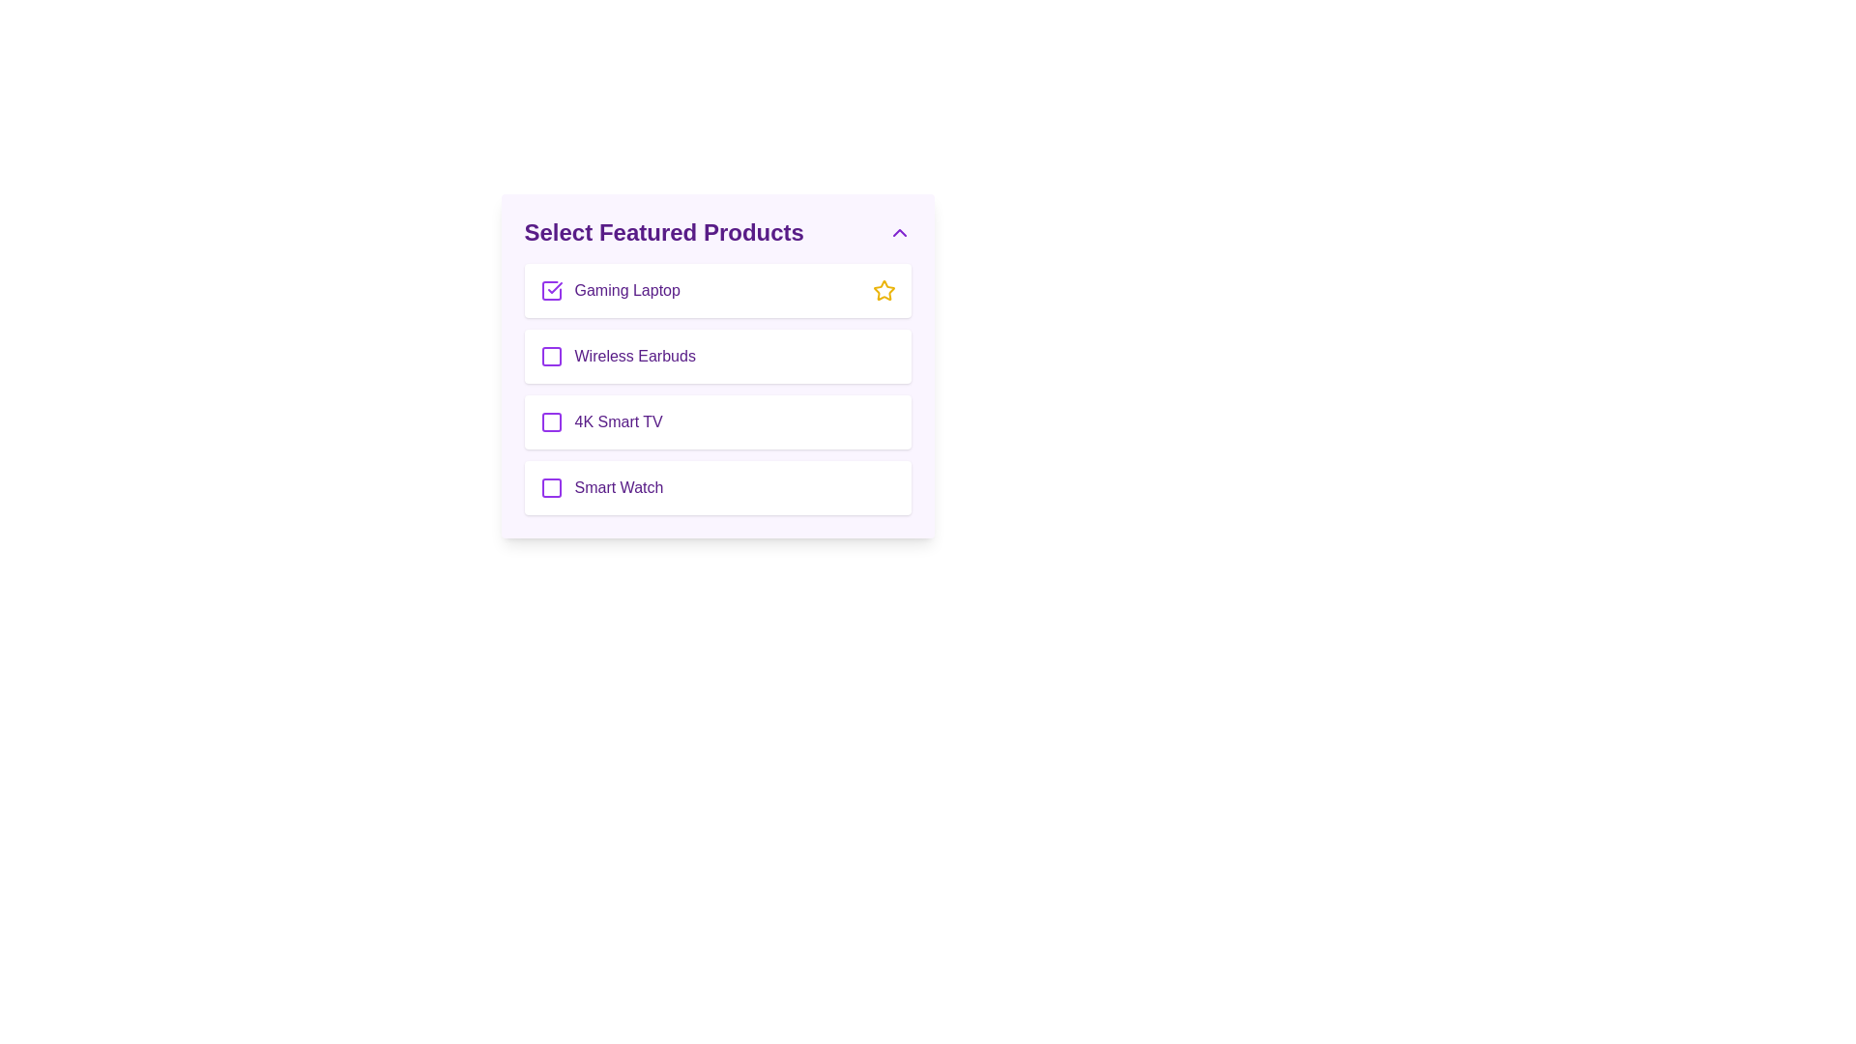 The image size is (1856, 1044). What do you see at coordinates (619, 487) in the screenshot?
I see `the 'Smart Watch' text label located to the right of the checkbox icon in the fourth item of the list` at bounding box center [619, 487].